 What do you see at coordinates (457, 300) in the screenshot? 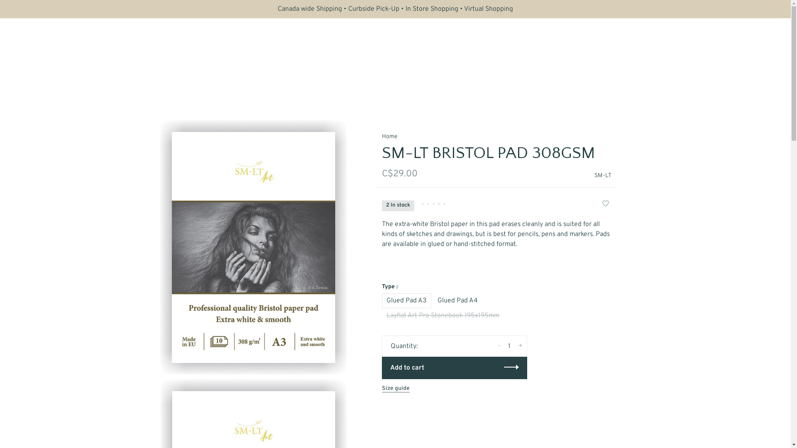
I see `'Glued Pad A4'` at bounding box center [457, 300].